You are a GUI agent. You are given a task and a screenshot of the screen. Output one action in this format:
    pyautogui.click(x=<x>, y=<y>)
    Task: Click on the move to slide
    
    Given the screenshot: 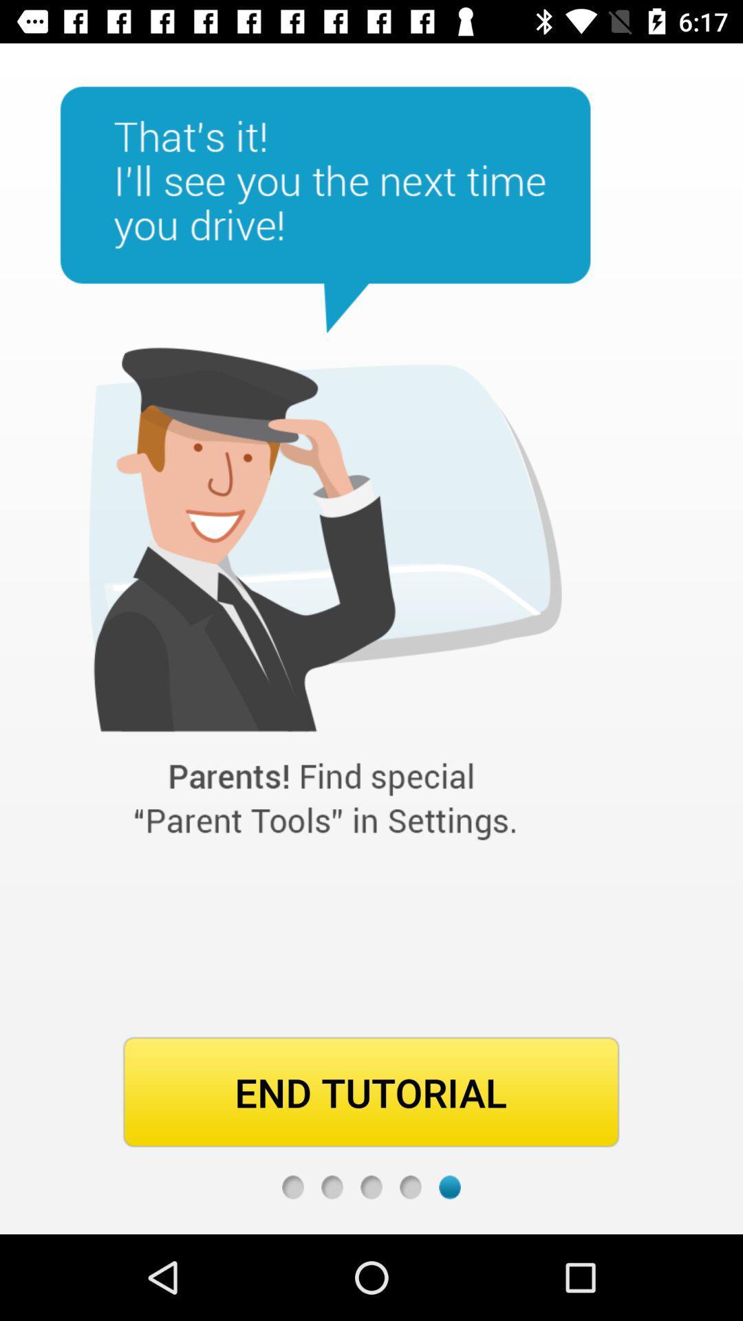 What is the action you would take?
    pyautogui.click(x=371, y=1186)
    